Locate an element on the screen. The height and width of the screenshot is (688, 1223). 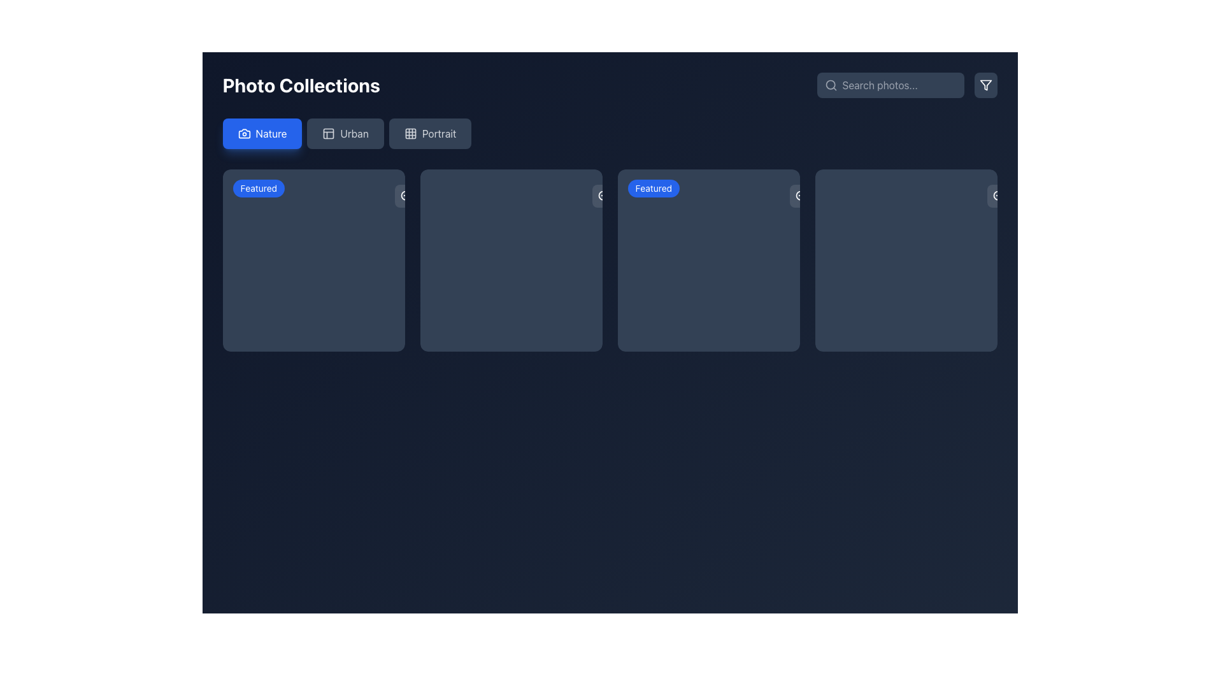
the fifth button from the top in the vertical stack on the right edge of the interface to invoke its functionality is located at coordinates (1067, 196).